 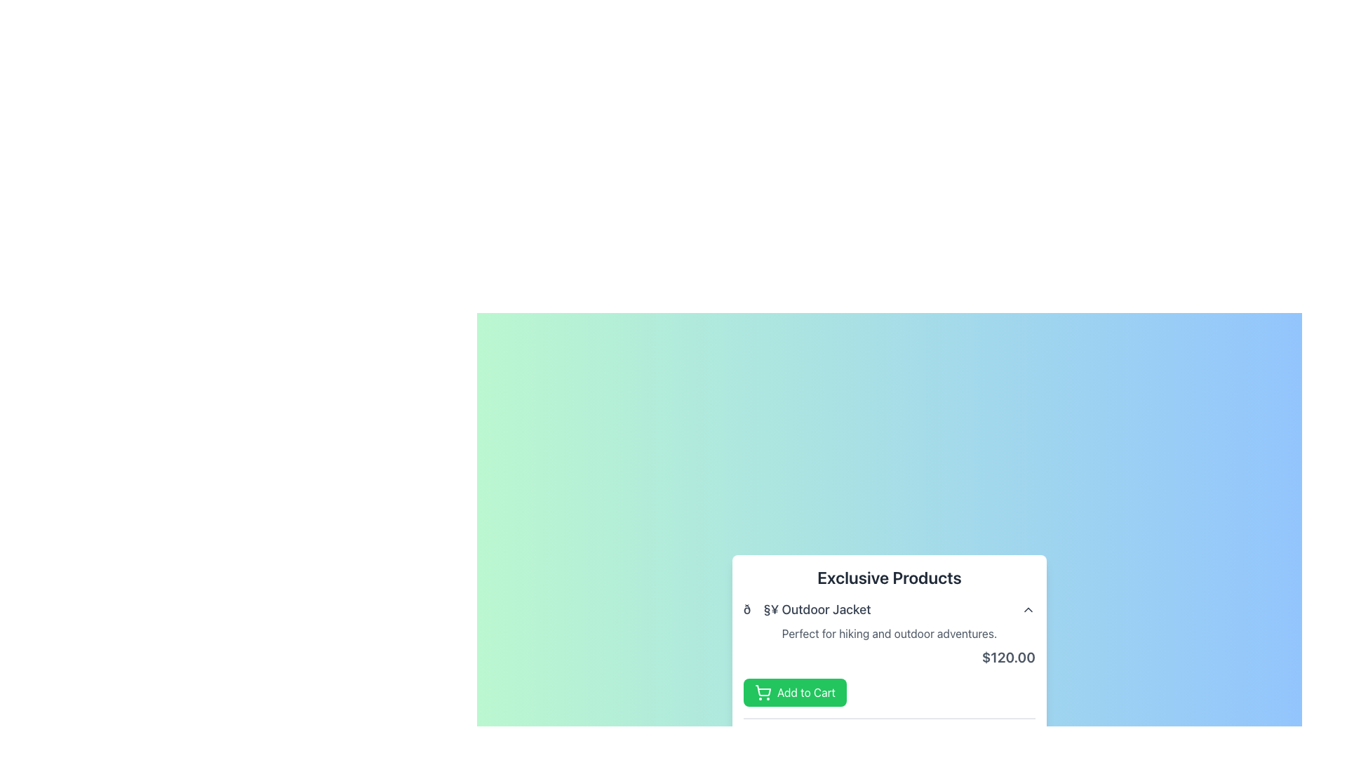 I want to click on the upward-pointing chevron icon, which is a minimal skeletal outline button located to the right of the text '🧥 Outdoor Jacket', so click(x=1028, y=609).